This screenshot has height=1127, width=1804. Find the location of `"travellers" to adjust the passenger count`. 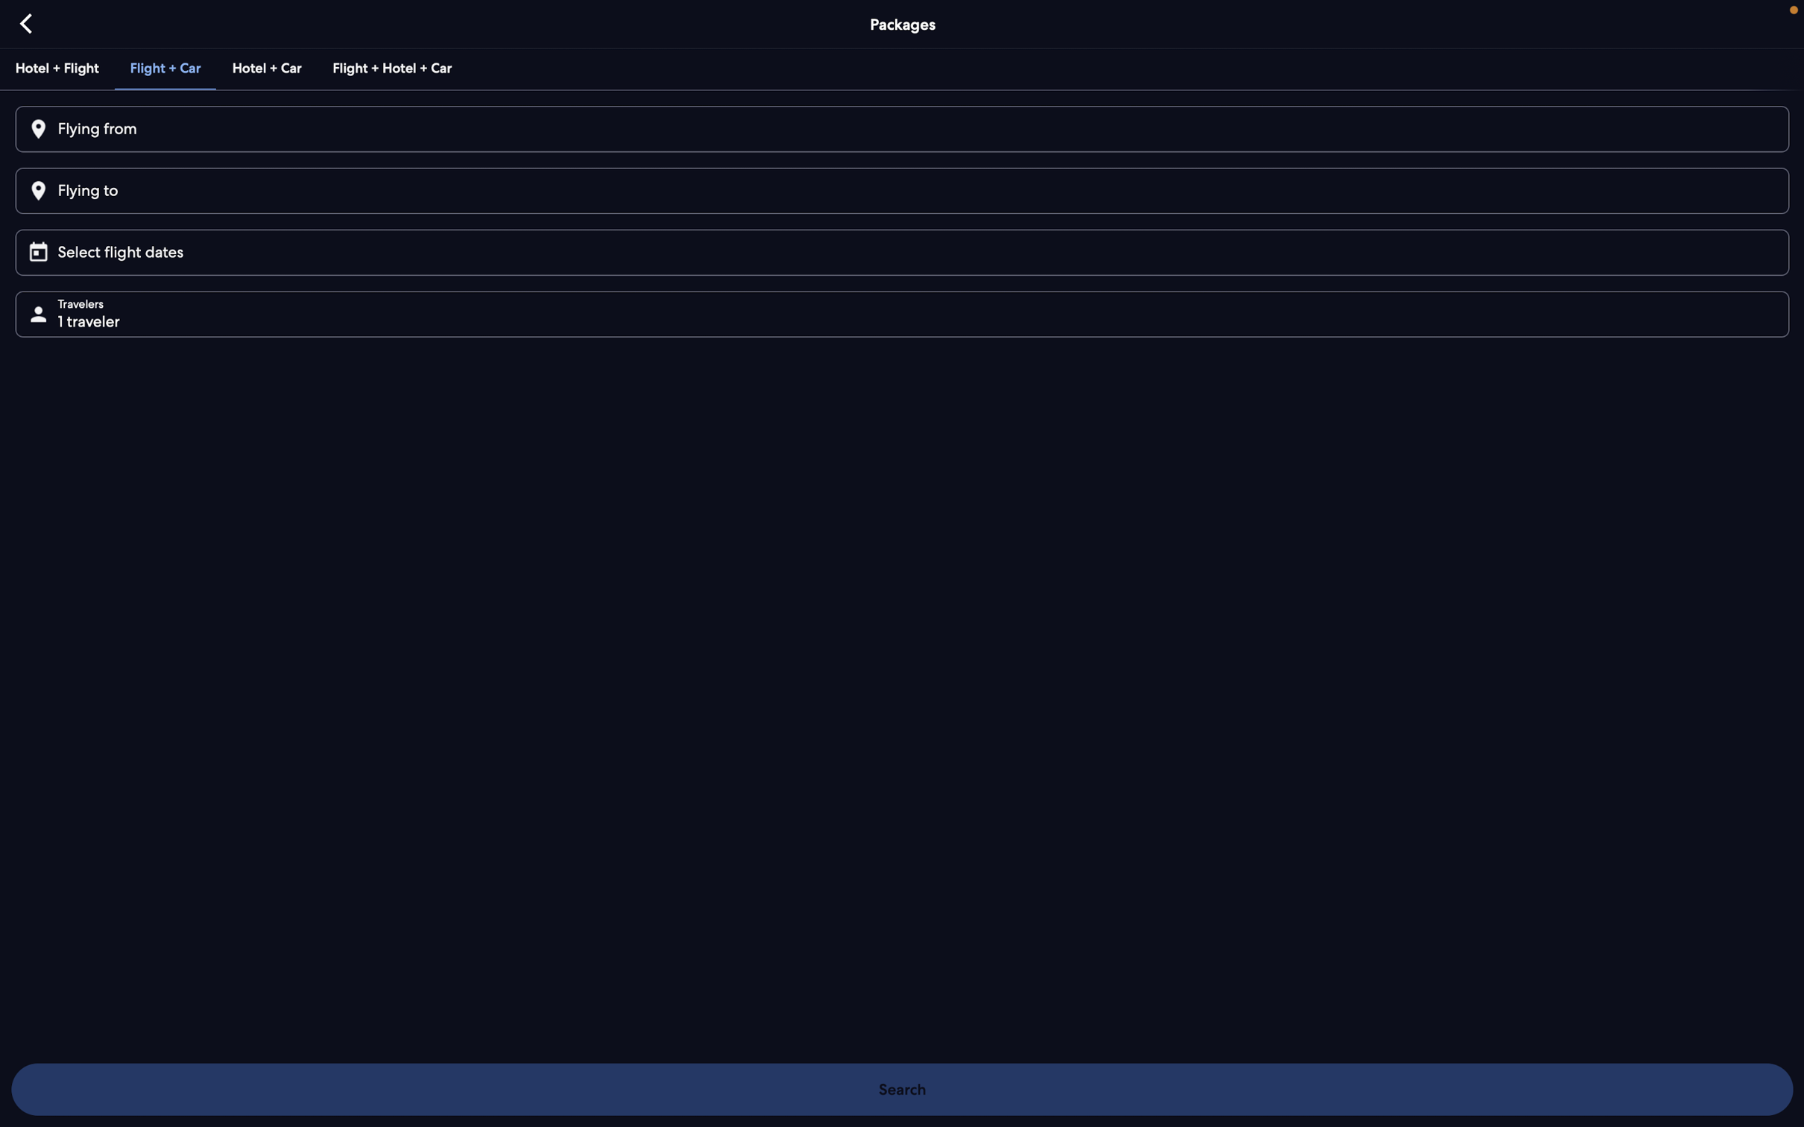

"travellers" to adjust the passenger count is located at coordinates (907, 312).